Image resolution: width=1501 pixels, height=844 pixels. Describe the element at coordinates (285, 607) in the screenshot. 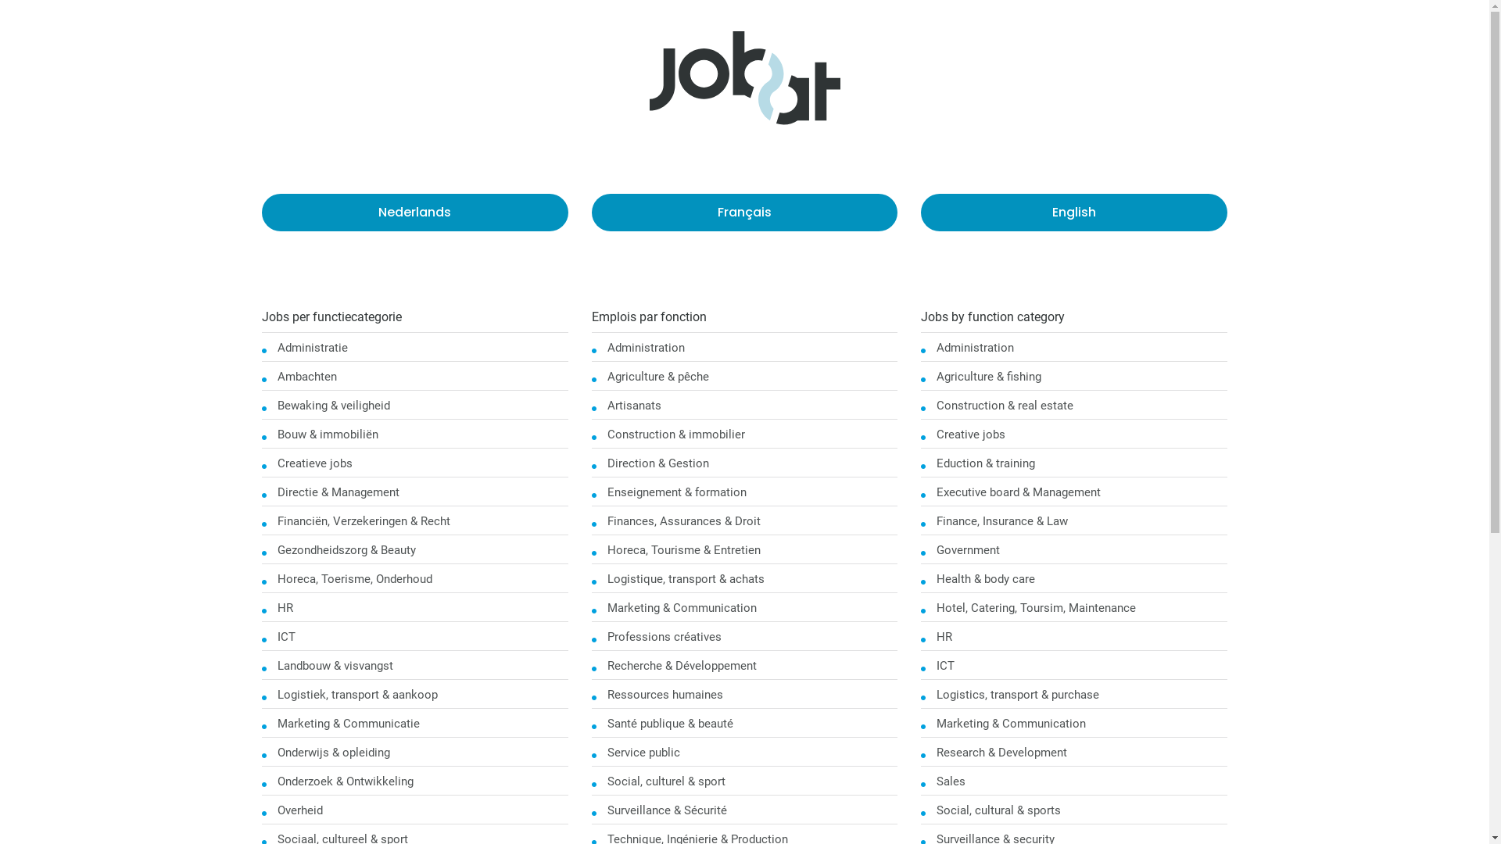

I see `'HR'` at that location.